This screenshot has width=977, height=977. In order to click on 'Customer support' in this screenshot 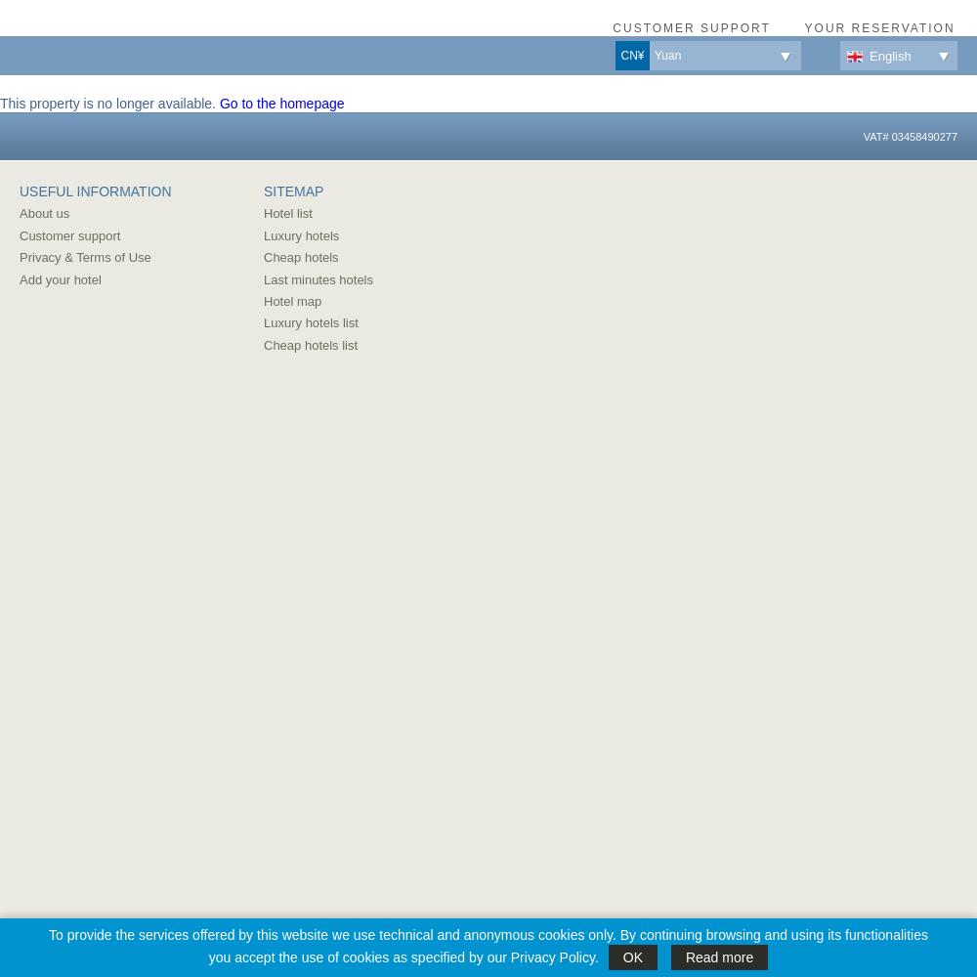, I will do `click(68, 234)`.